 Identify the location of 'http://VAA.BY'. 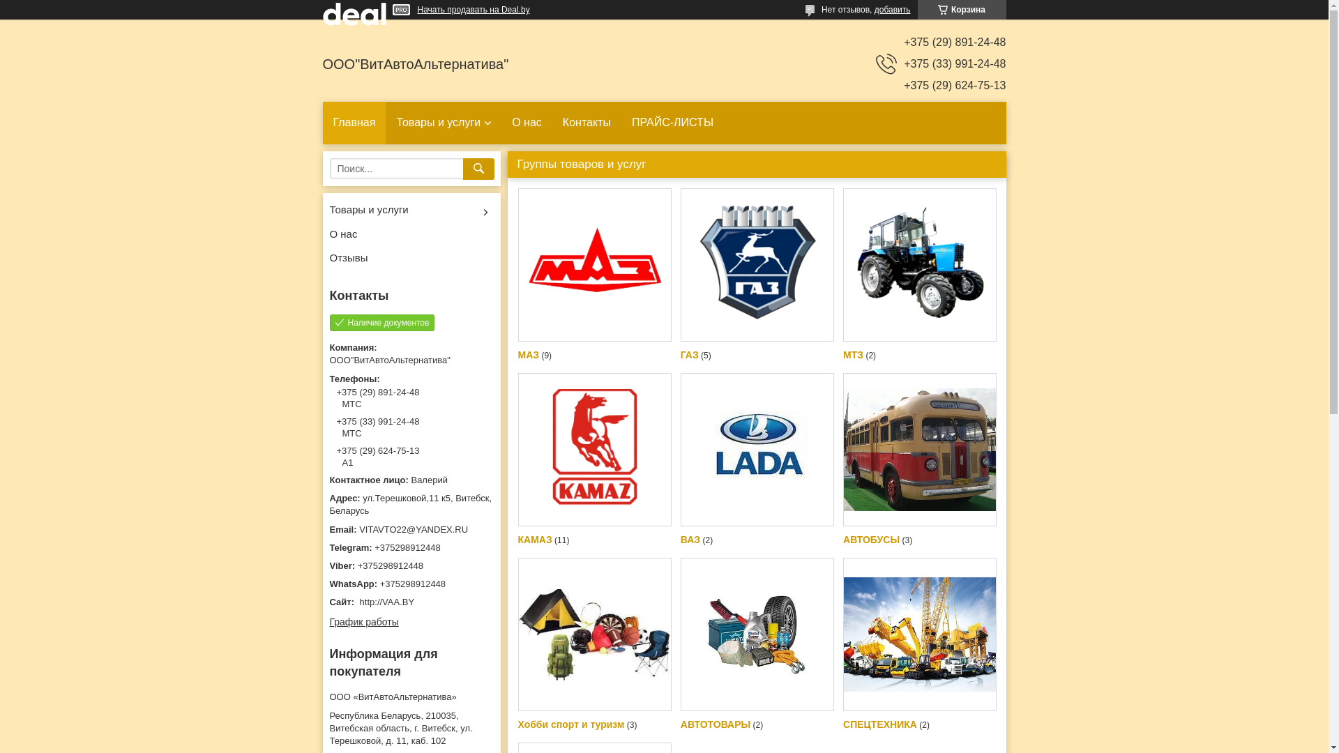
(387, 601).